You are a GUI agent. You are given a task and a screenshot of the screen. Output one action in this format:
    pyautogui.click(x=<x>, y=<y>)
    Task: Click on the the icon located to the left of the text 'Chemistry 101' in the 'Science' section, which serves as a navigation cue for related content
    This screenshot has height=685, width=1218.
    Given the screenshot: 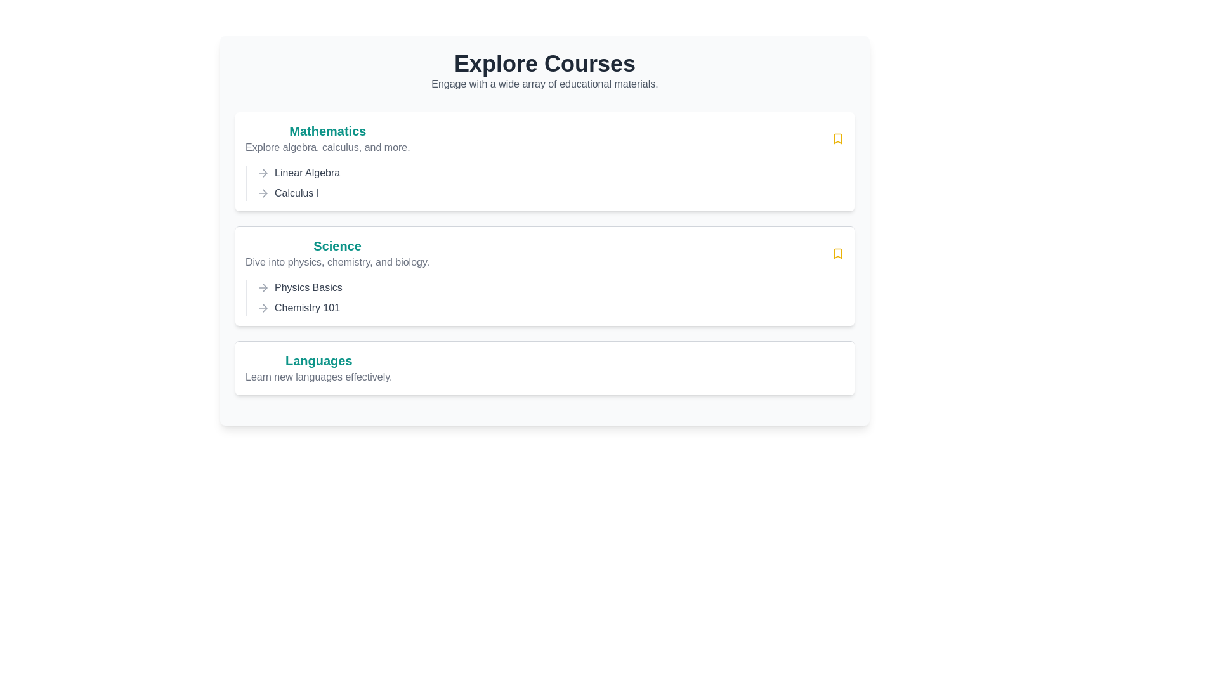 What is the action you would take?
    pyautogui.click(x=262, y=308)
    